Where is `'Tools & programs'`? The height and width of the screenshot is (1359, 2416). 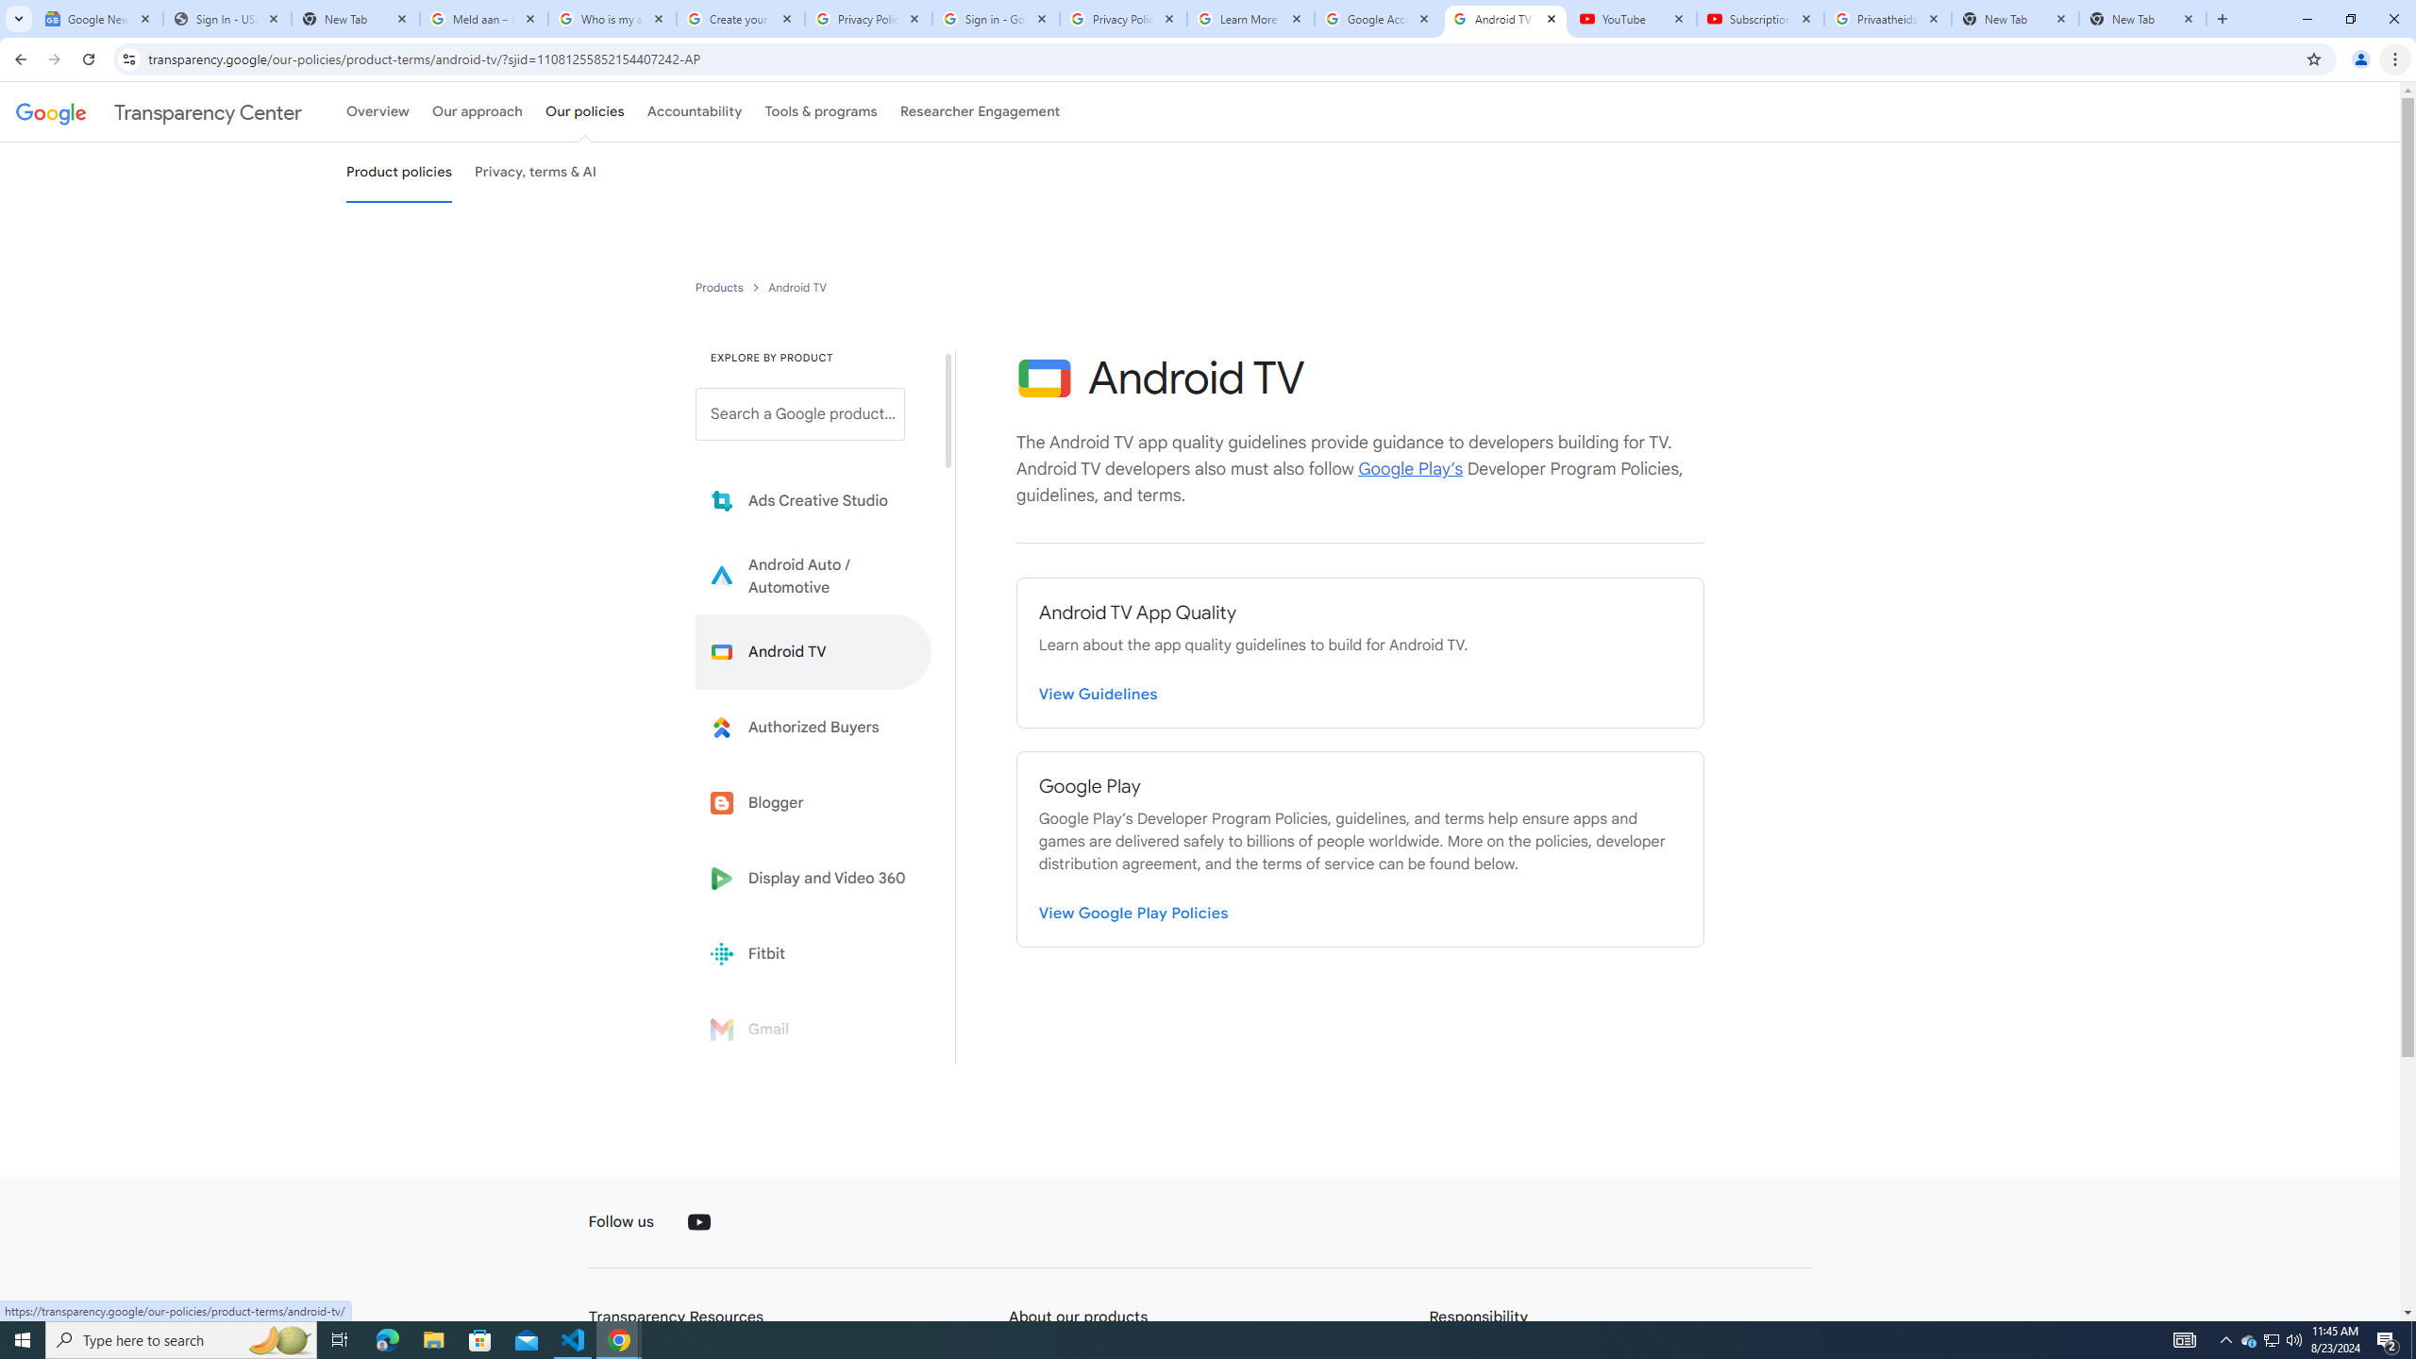 'Tools & programs' is located at coordinates (820, 111).